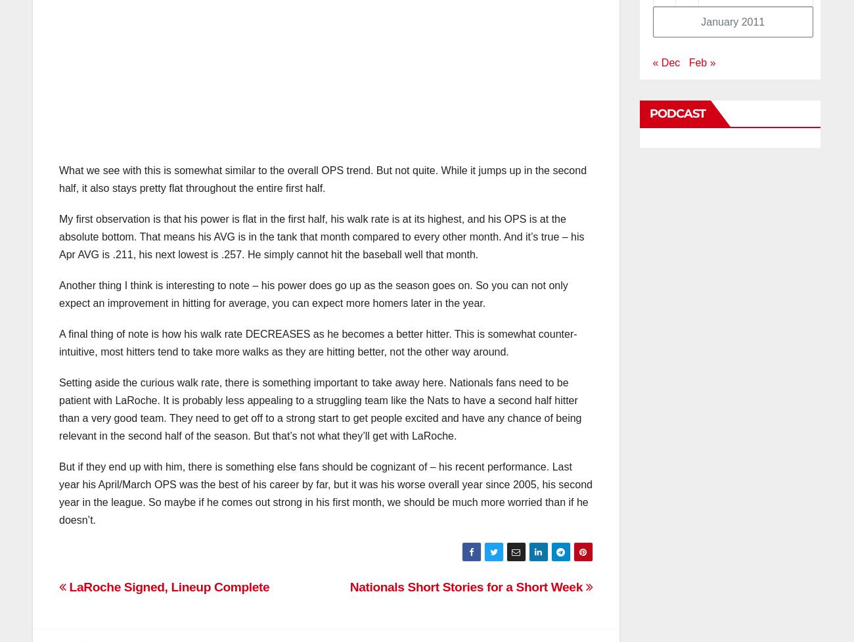  Describe the element at coordinates (321, 237) in the screenshot. I see `'My first observation is that his power is flat in the first half, his walk rate is at its highest, and his OPS is at the absolute bottom. That means his AVG is in the tank that month compared to every other month. And it’s true – his Apr AVG is .211, his next lowest is .257. He simply cannot hit the baseball well that month.'` at that location.